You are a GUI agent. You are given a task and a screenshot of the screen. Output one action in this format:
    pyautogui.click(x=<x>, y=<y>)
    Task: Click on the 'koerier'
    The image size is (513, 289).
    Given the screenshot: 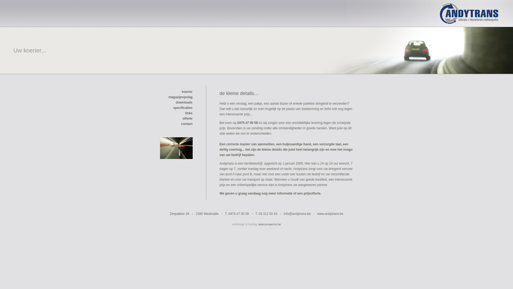 What is the action you would take?
    pyautogui.click(x=187, y=92)
    